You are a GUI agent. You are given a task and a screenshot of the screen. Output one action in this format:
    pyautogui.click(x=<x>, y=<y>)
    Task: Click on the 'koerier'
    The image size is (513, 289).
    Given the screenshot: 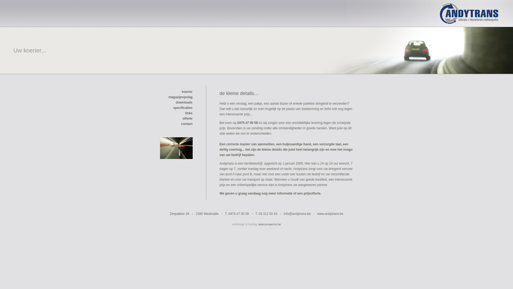 What is the action you would take?
    pyautogui.click(x=187, y=92)
    